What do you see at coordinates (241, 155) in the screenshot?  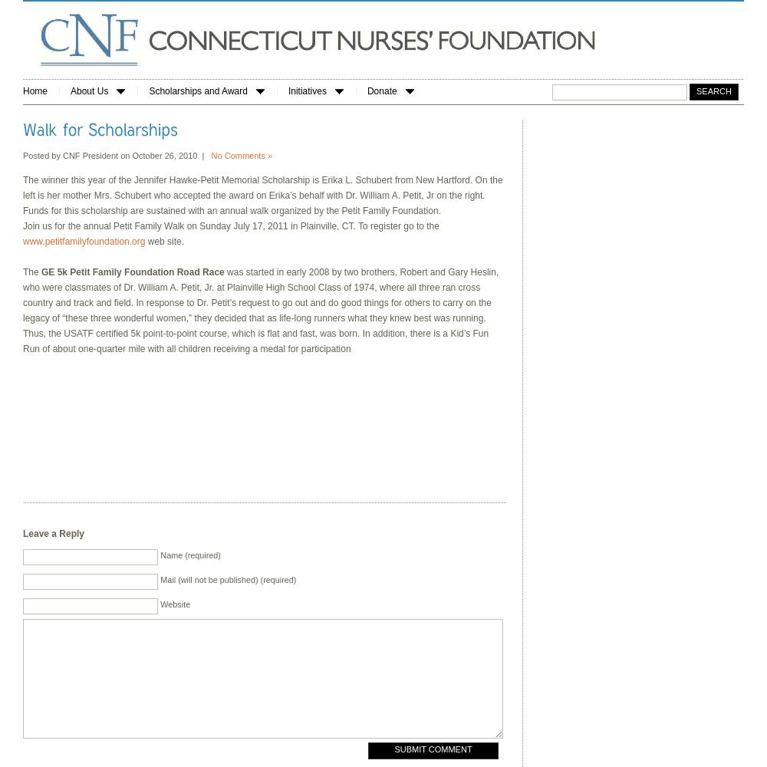 I see `'No Comments »'` at bounding box center [241, 155].